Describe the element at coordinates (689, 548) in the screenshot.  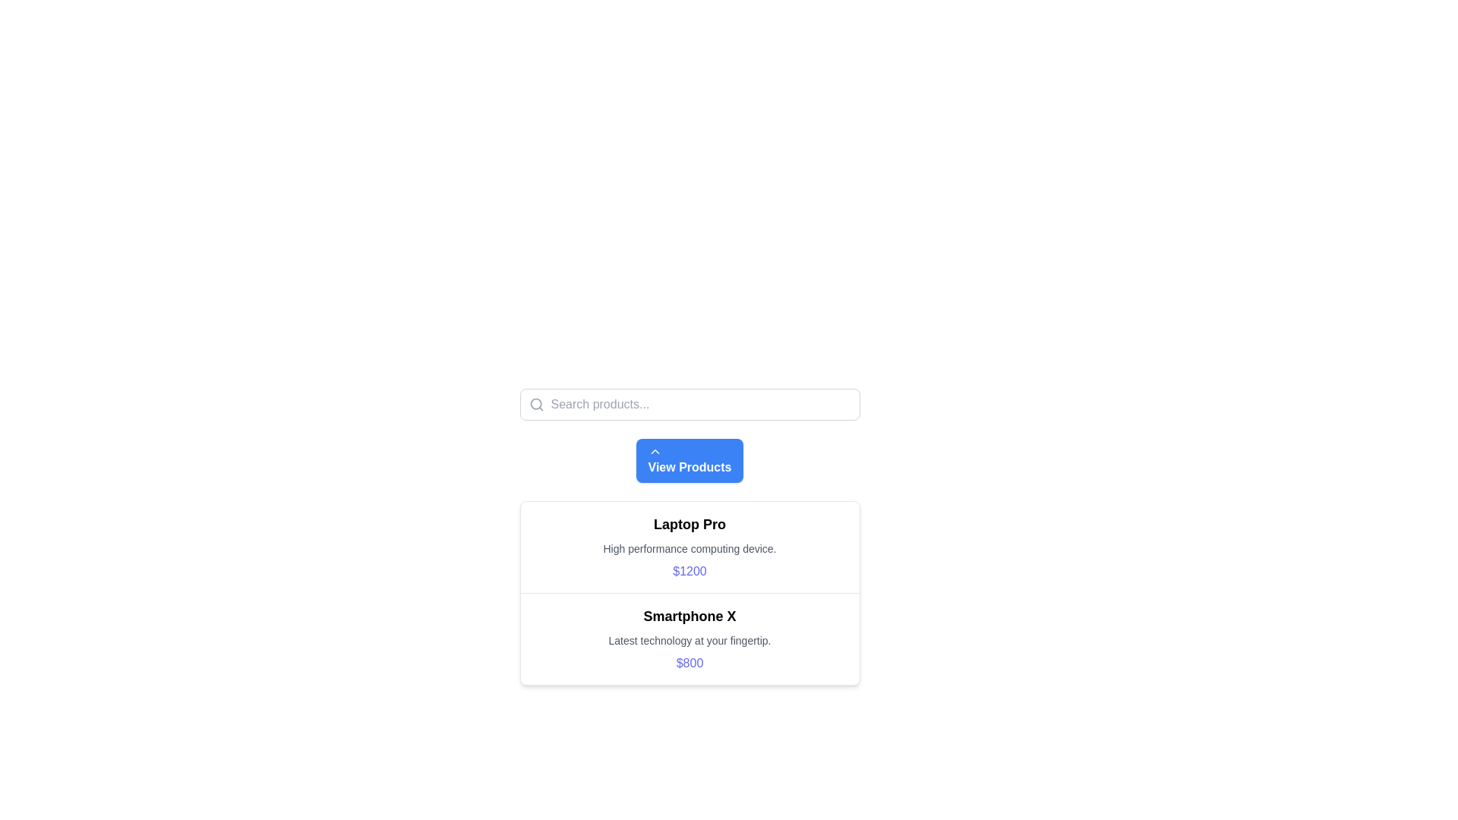
I see `text label displaying 'High performance computing device.' which is styled in a small, gray font and positioned centrally beneath the title 'Laptop Pro' and above the price text '$1200'` at that location.